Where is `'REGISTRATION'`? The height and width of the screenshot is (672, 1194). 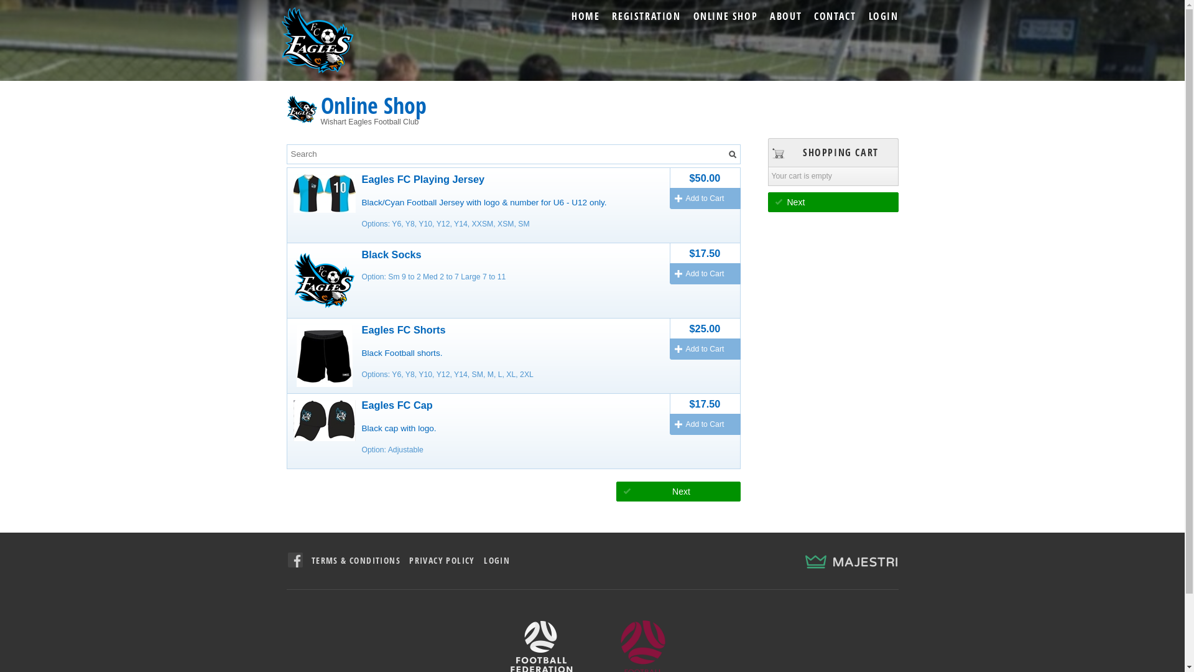
'REGISTRATION' is located at coordinates (646, 16).